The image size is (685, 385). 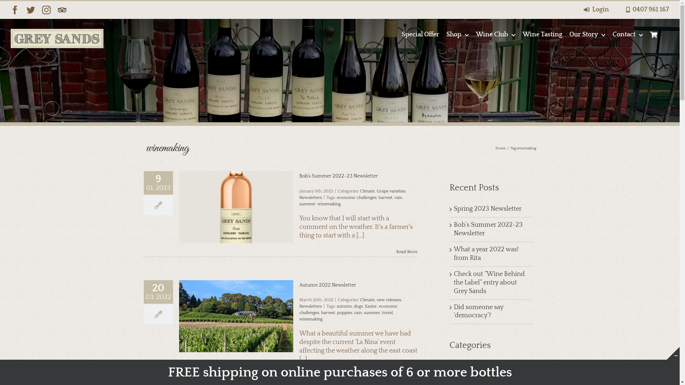 I want to click on '0407 961 167', so click(x=646, y=10).